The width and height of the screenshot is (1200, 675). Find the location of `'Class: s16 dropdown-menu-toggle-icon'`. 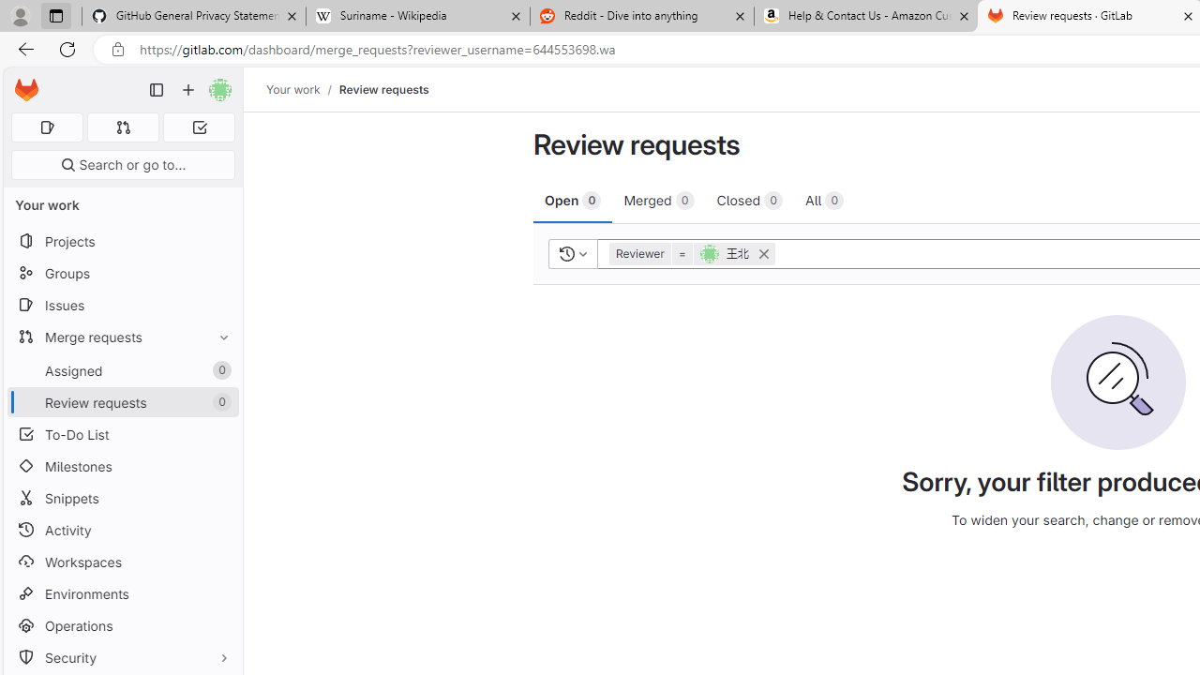

'Class: s16 dropdown-menu-toggle-icon' is located at coordinates (582, 253).